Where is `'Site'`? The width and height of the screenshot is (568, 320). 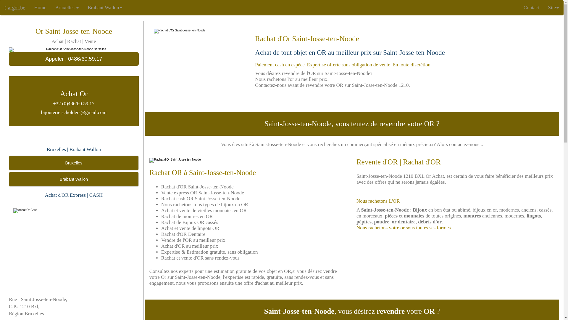 'Site' is located at coordinates (553, 8).